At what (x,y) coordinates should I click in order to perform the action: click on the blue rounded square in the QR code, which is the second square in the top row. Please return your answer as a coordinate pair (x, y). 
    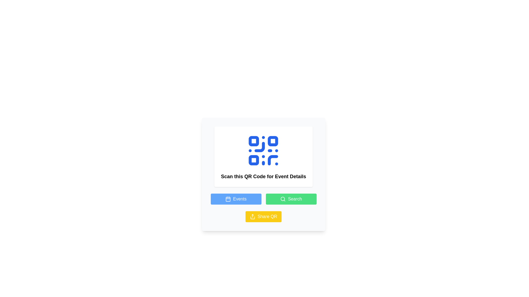
    Looking at the image, I should click on (273, 141).